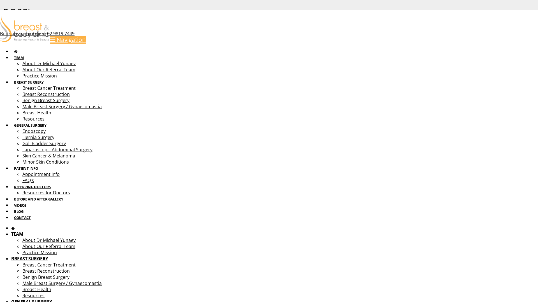 This screenshot has width=538, height=302. I want to click on 'Breast Cancer Treatment', so click(22, 265).